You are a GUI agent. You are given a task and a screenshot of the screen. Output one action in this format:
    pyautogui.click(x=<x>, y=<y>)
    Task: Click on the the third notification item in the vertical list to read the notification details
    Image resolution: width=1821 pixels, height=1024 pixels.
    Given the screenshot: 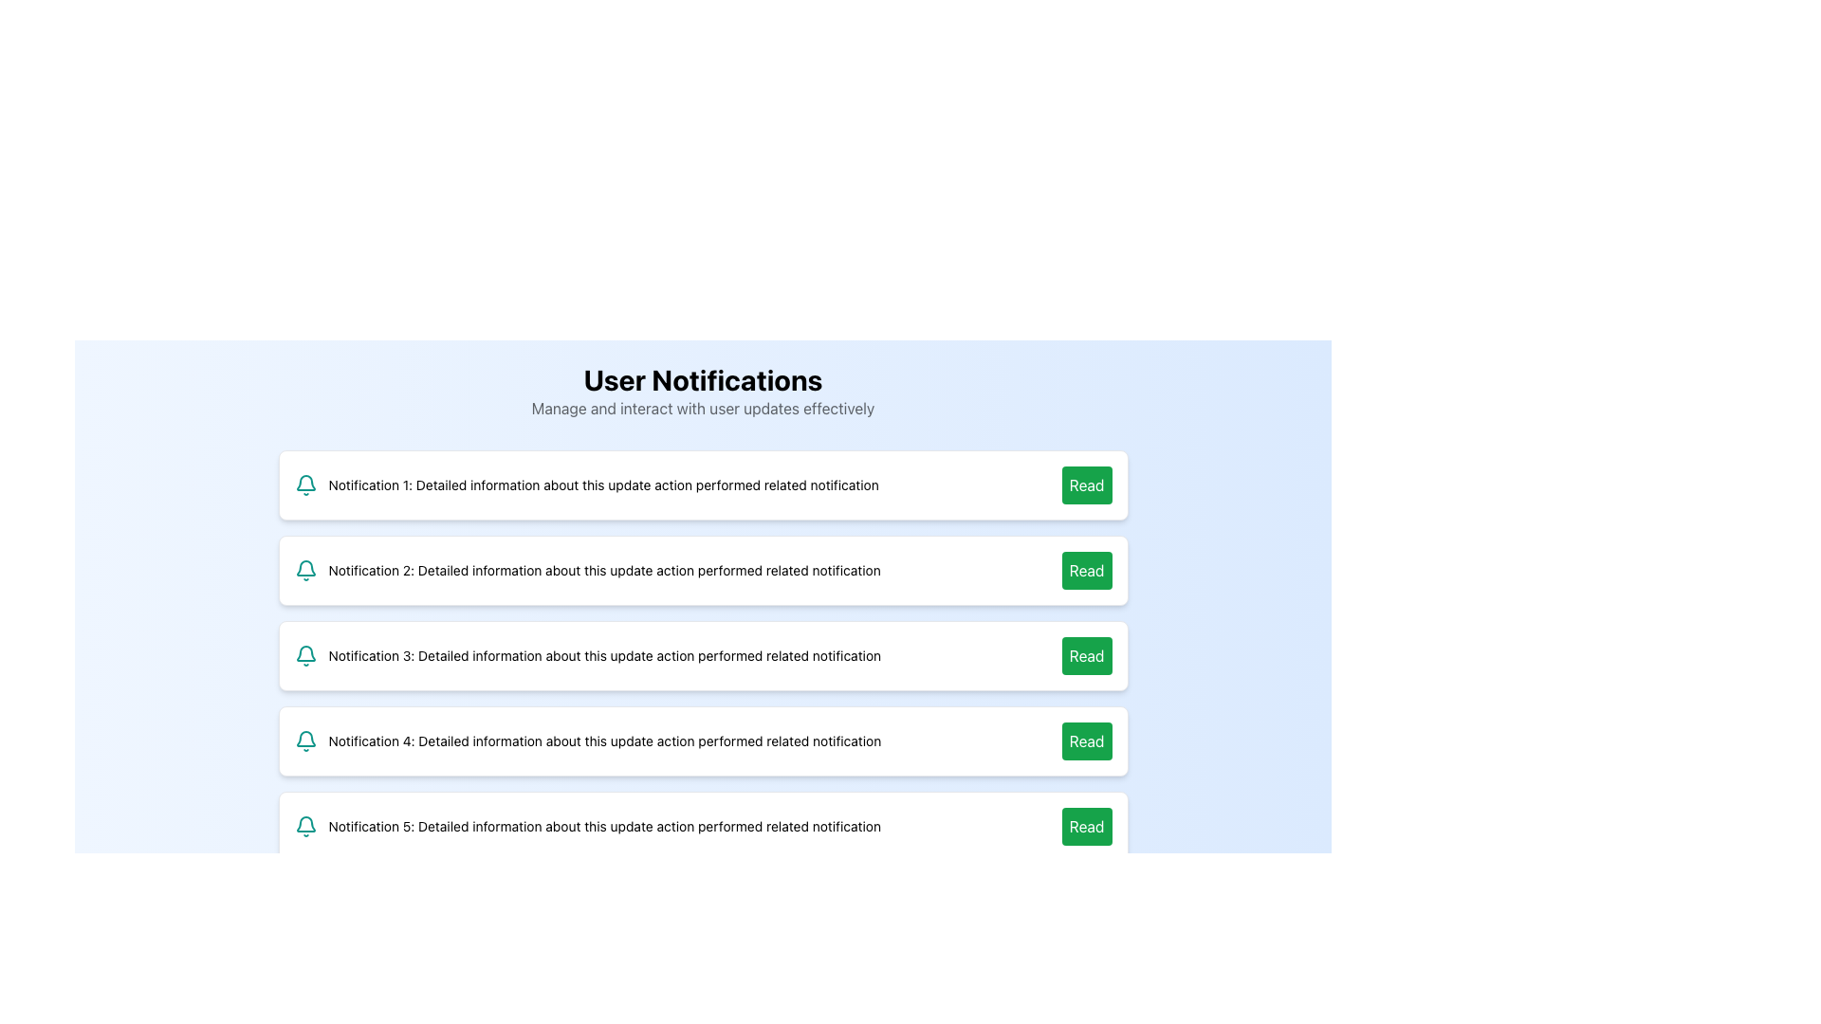 What is the action you would take?
    pyautogui.click(x=586, y=654)
    